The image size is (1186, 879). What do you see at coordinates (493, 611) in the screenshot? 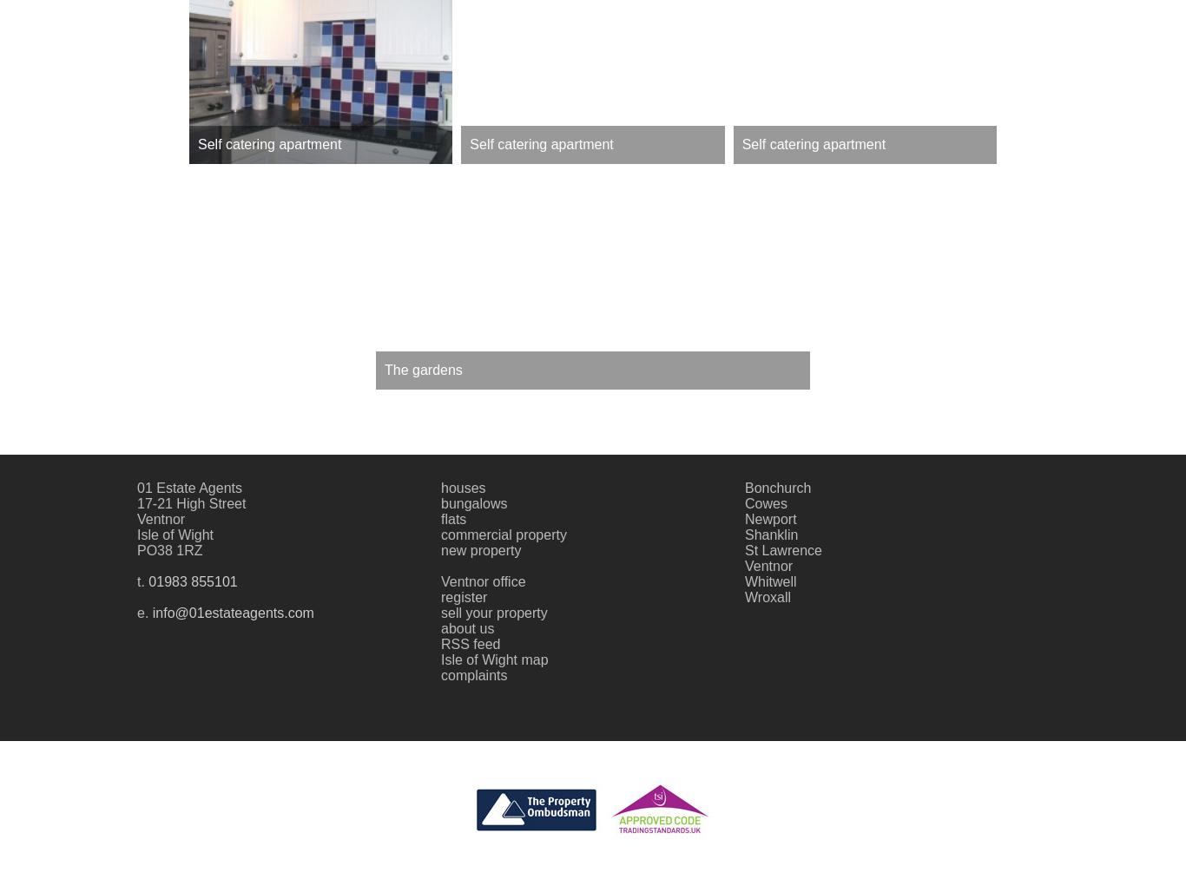
I see `'sell your property'` at bounding box center [493, 611].